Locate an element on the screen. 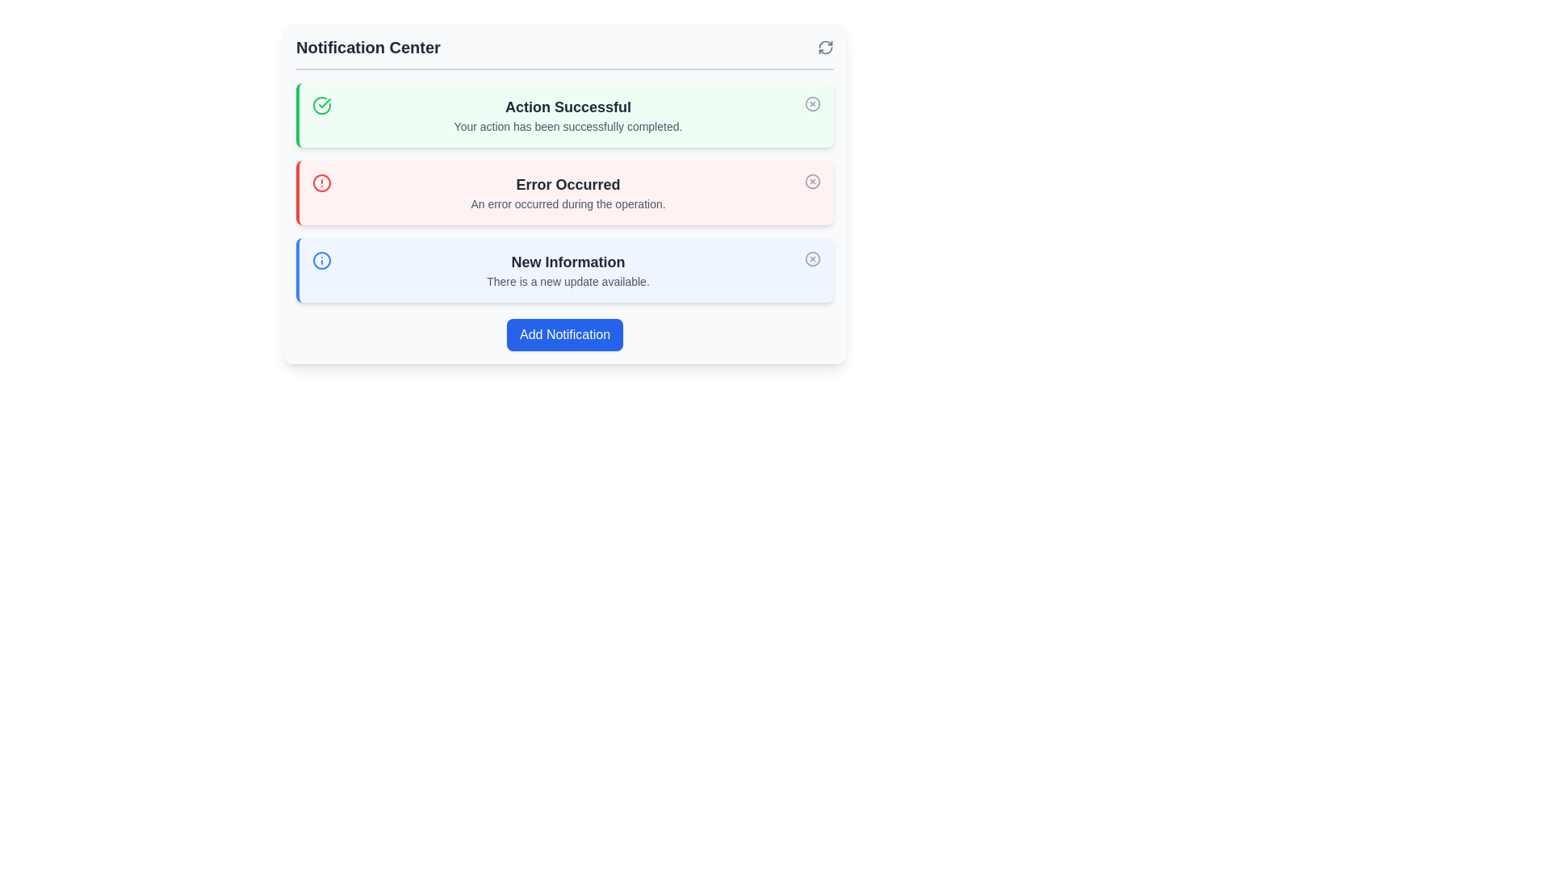 This screenshot has width=1550, height=872. the circular refresh button located in the top-right corner of the Notification Center interface is located at coordinates (825, 46).